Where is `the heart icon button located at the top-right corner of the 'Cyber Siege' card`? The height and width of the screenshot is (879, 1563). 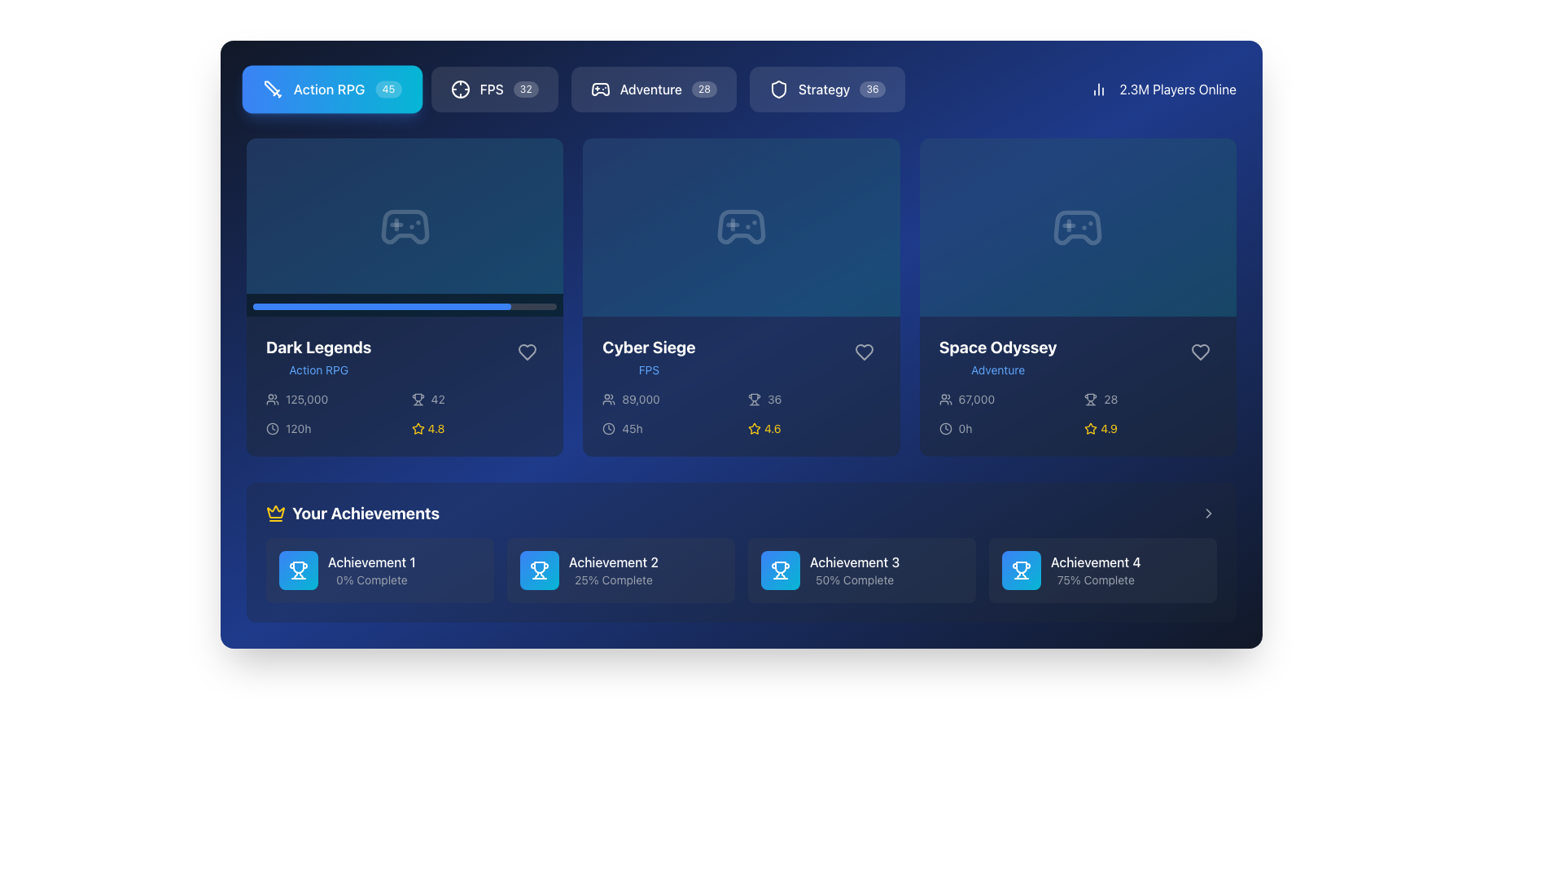
the heart icon button located at the top-right corner of the 'Cyber Siege' card is located at coordinates (863, 351).